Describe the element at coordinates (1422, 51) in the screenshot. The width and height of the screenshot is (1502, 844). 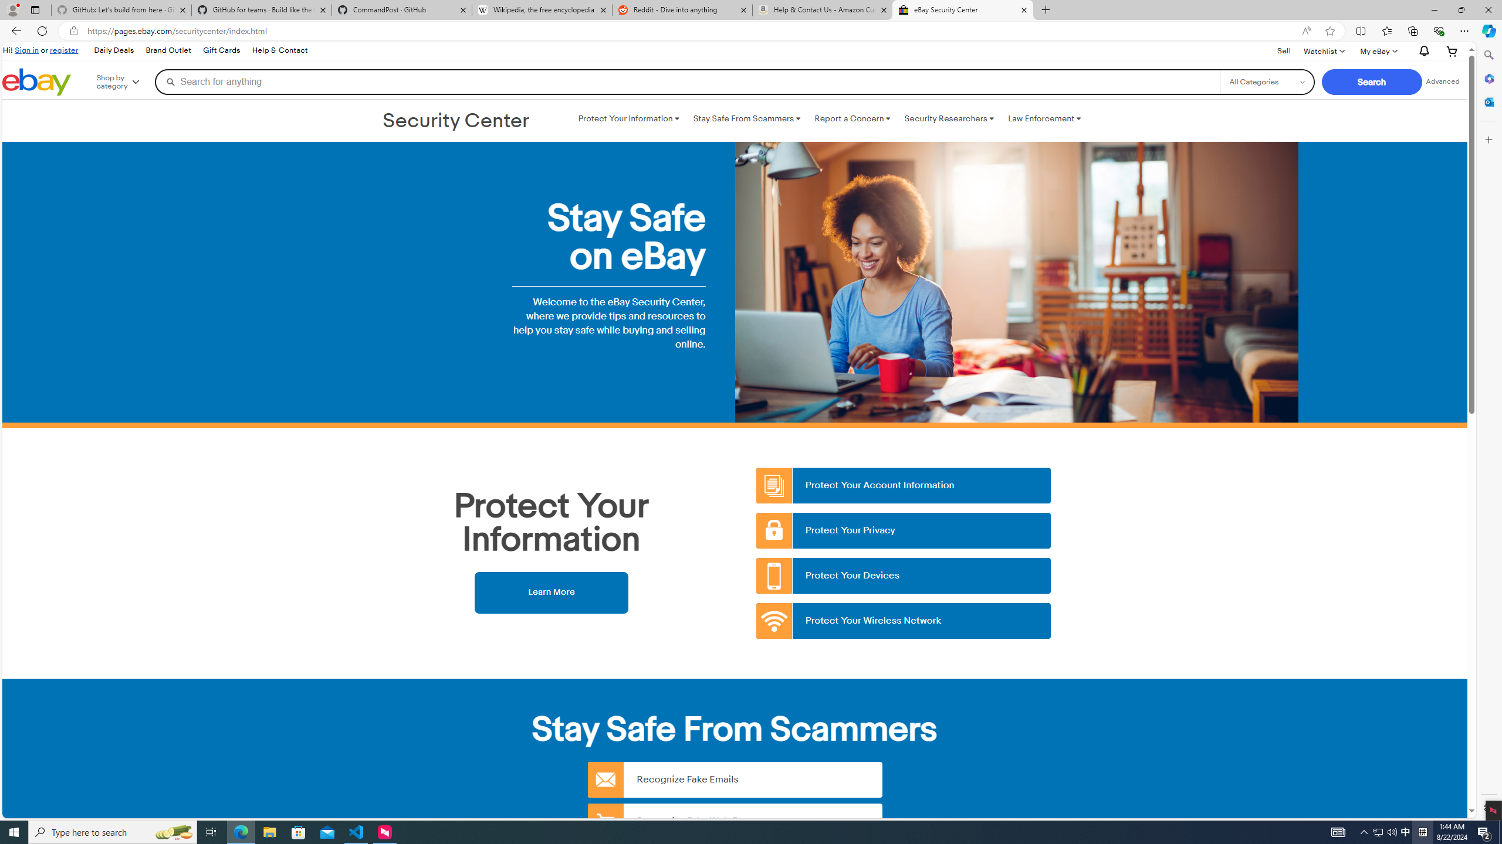
I see `'AutomationID: gh-eb-Alerts'` at that location.